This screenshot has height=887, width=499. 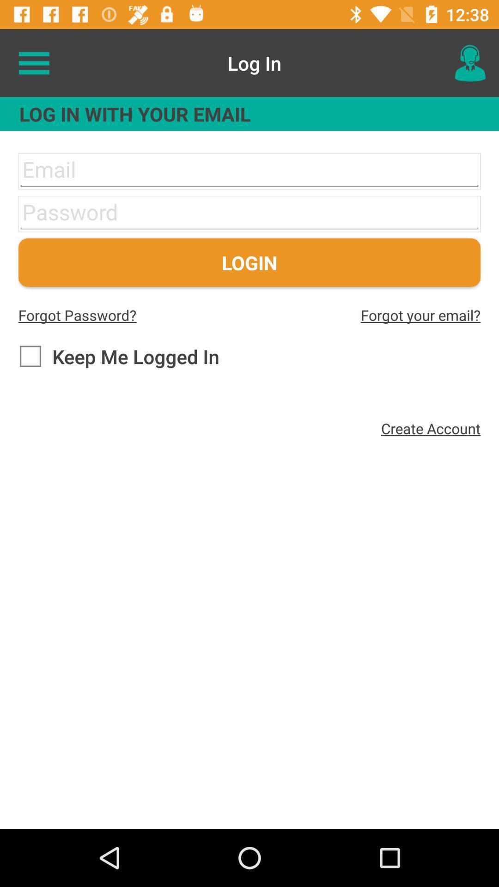 What do you see at coordinates (249, 171) in the screenshot?
I see `email address` at bounding box center [249, 171].